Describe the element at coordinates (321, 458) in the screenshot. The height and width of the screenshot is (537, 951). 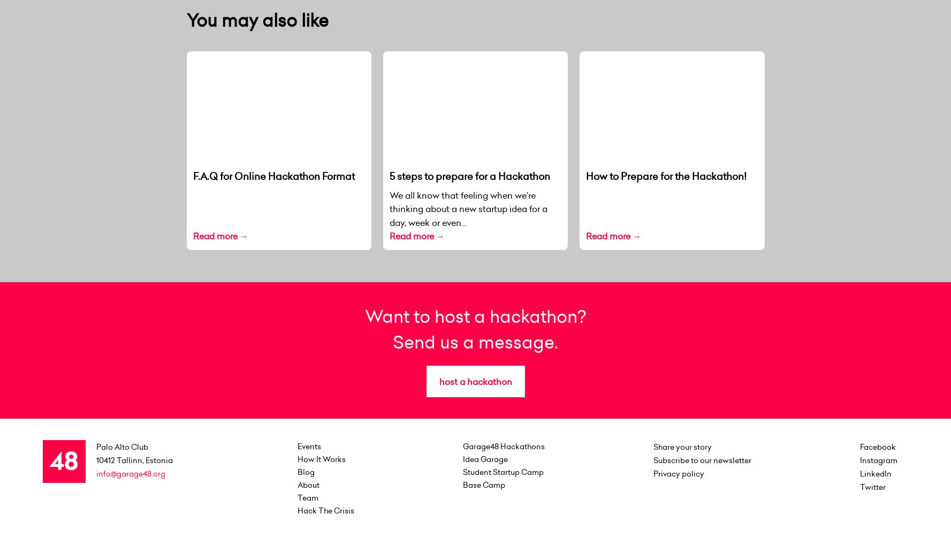
I see `'how it works'` at that location.